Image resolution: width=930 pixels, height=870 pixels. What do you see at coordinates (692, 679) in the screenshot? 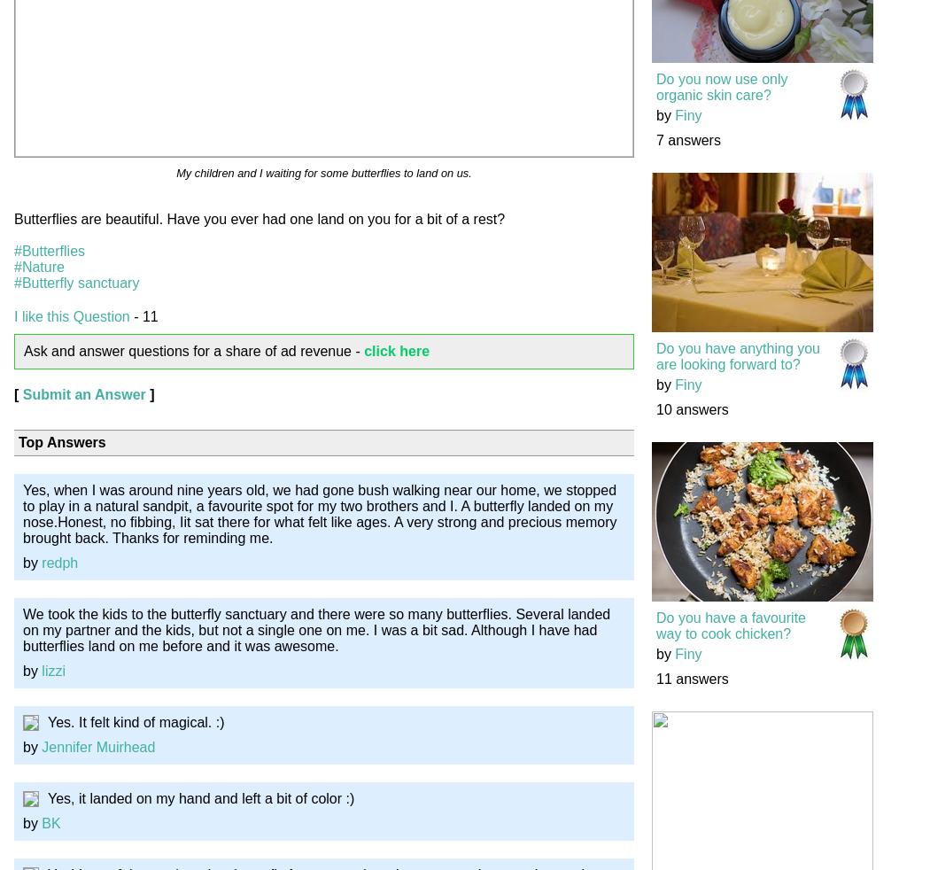
I see `'11 answers'` at bounding box center [692, 679].